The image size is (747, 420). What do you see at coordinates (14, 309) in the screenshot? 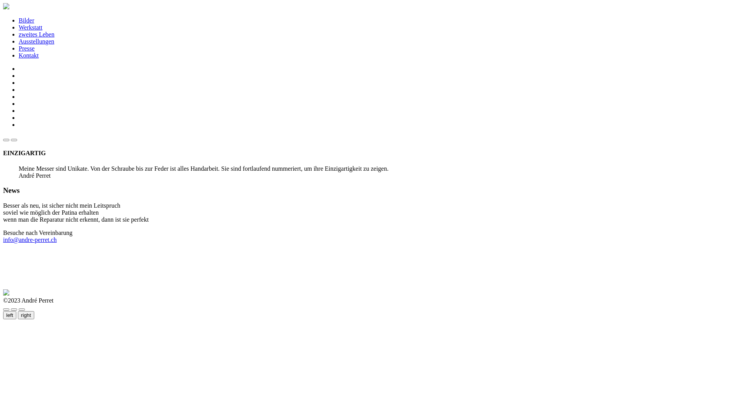
I see `'Toggle fullscreen'` at bounding box center [14, 309].